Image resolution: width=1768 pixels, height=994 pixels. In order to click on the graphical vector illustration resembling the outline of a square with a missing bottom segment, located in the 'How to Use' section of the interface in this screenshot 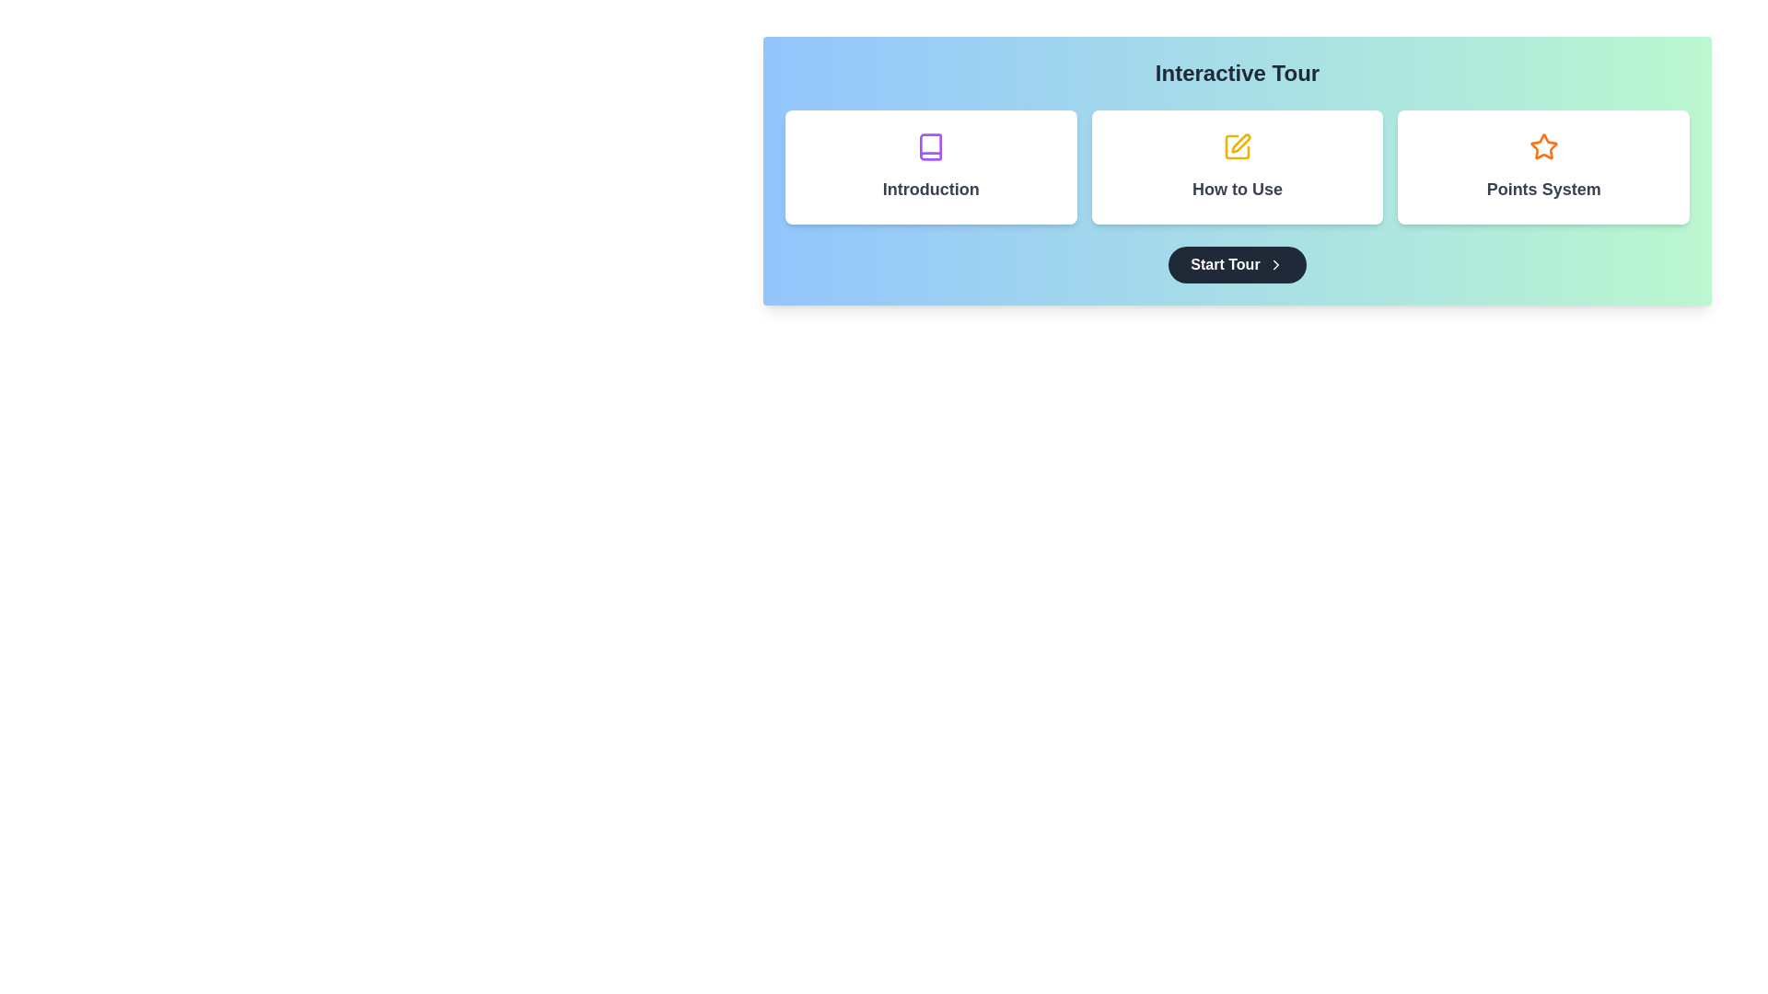, I will do `click(1238, 145)`.